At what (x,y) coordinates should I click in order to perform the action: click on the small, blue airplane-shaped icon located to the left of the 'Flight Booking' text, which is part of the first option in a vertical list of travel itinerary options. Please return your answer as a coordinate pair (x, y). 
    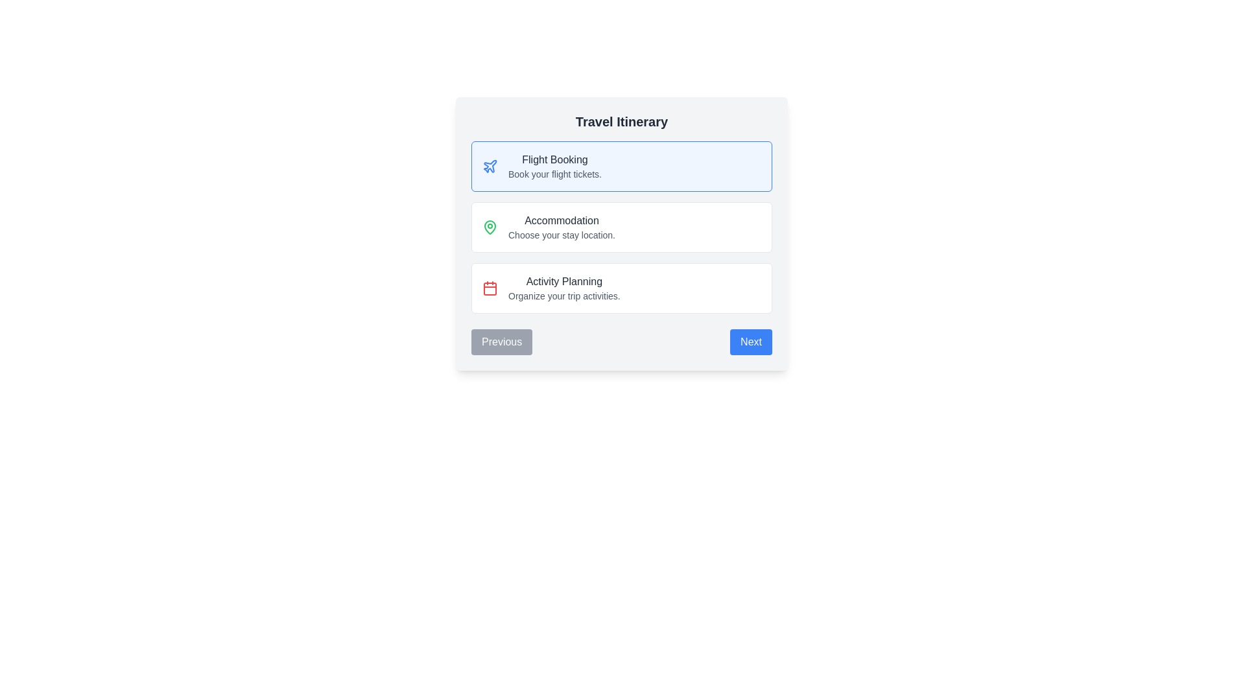
    Looking at the image, I should click on (489, 166).